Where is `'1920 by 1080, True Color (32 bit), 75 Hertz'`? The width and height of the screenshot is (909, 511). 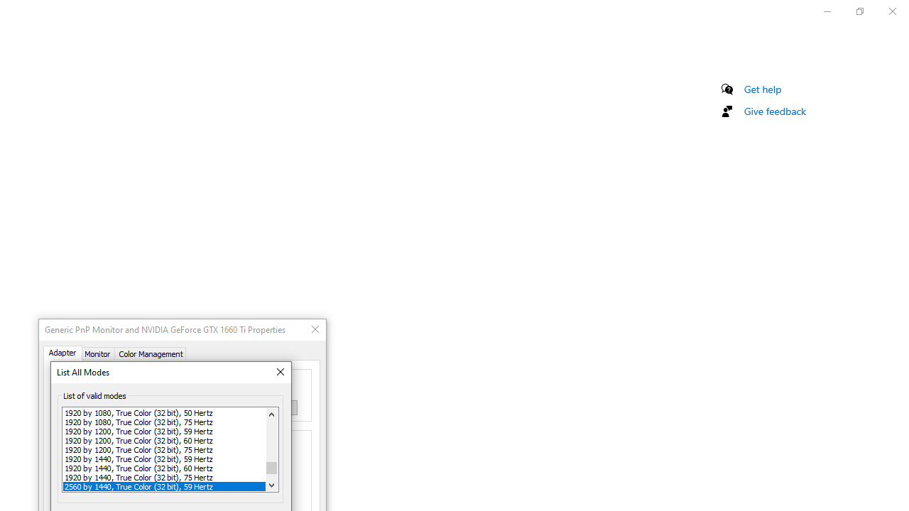 '1920 by 1080, True Color (32 bit), 75 Hertz' is located at coordinates (164, 421).